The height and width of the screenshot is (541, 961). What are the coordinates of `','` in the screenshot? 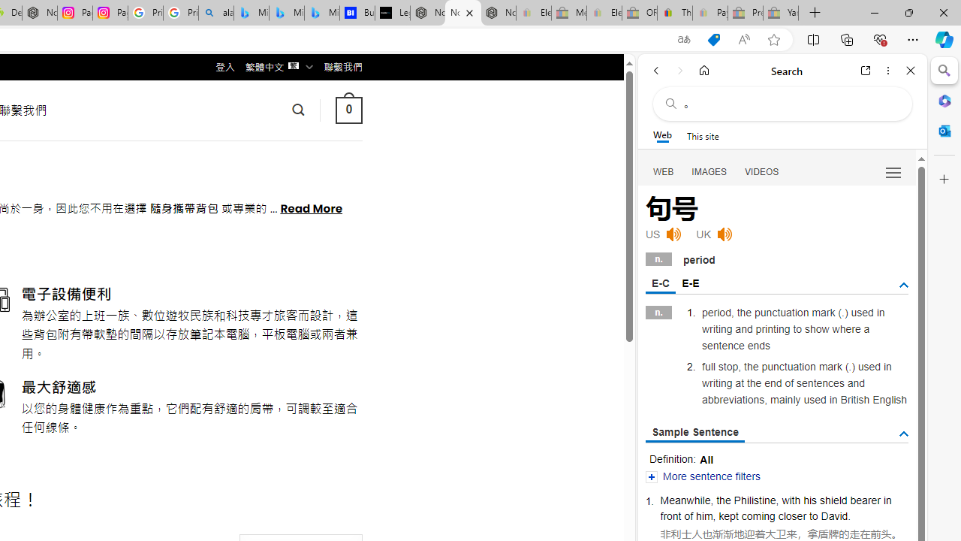 It's located at (711, 500).